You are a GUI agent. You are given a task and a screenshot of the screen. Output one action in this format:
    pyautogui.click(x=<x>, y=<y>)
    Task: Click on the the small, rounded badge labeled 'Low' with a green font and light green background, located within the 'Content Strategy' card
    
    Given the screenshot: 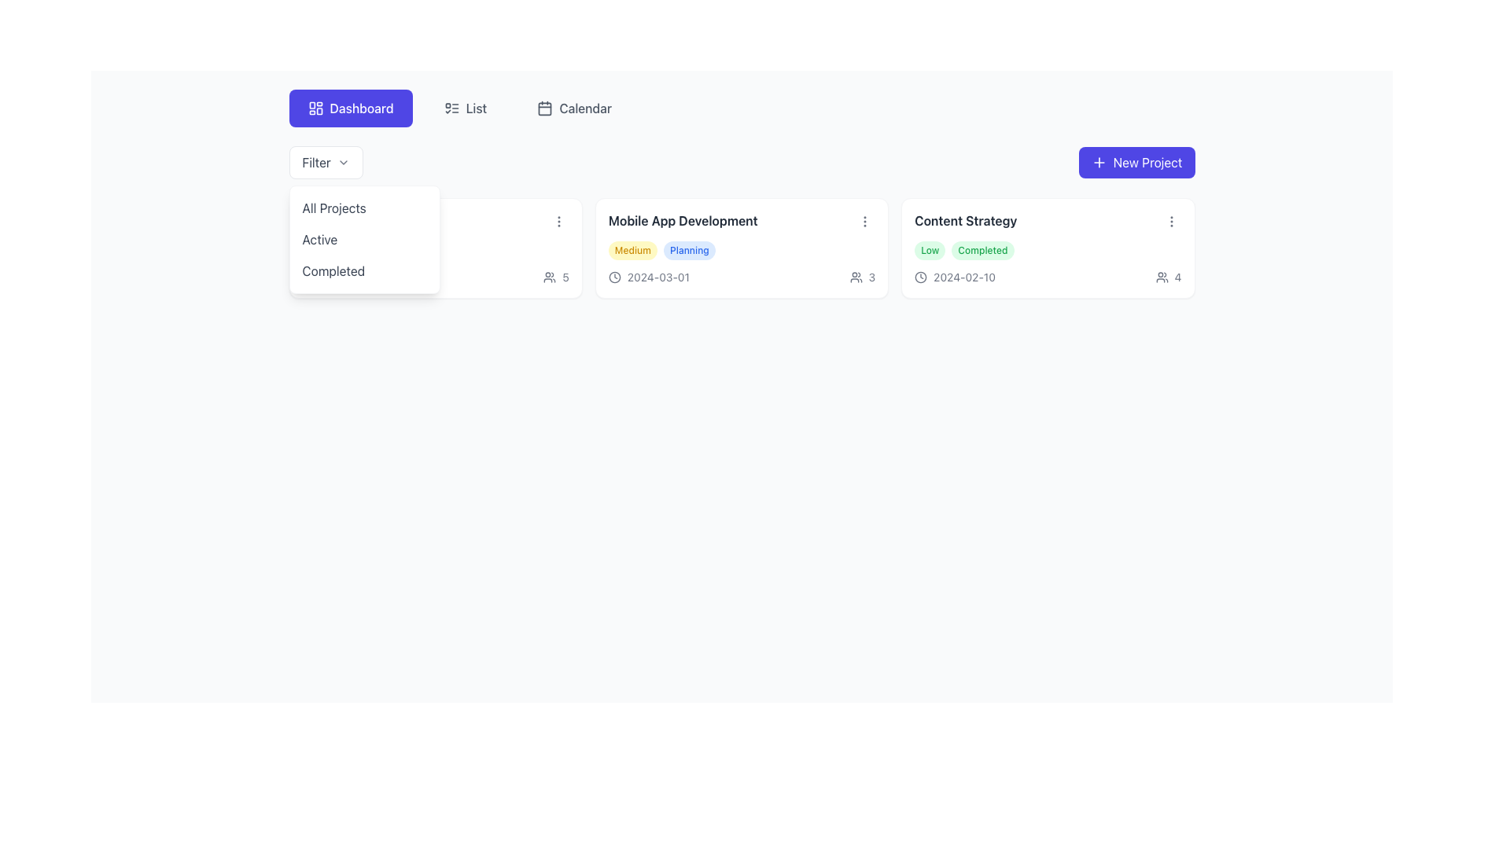 What is the action you would take?
    pyautogui.click(x=930, y=250)
    